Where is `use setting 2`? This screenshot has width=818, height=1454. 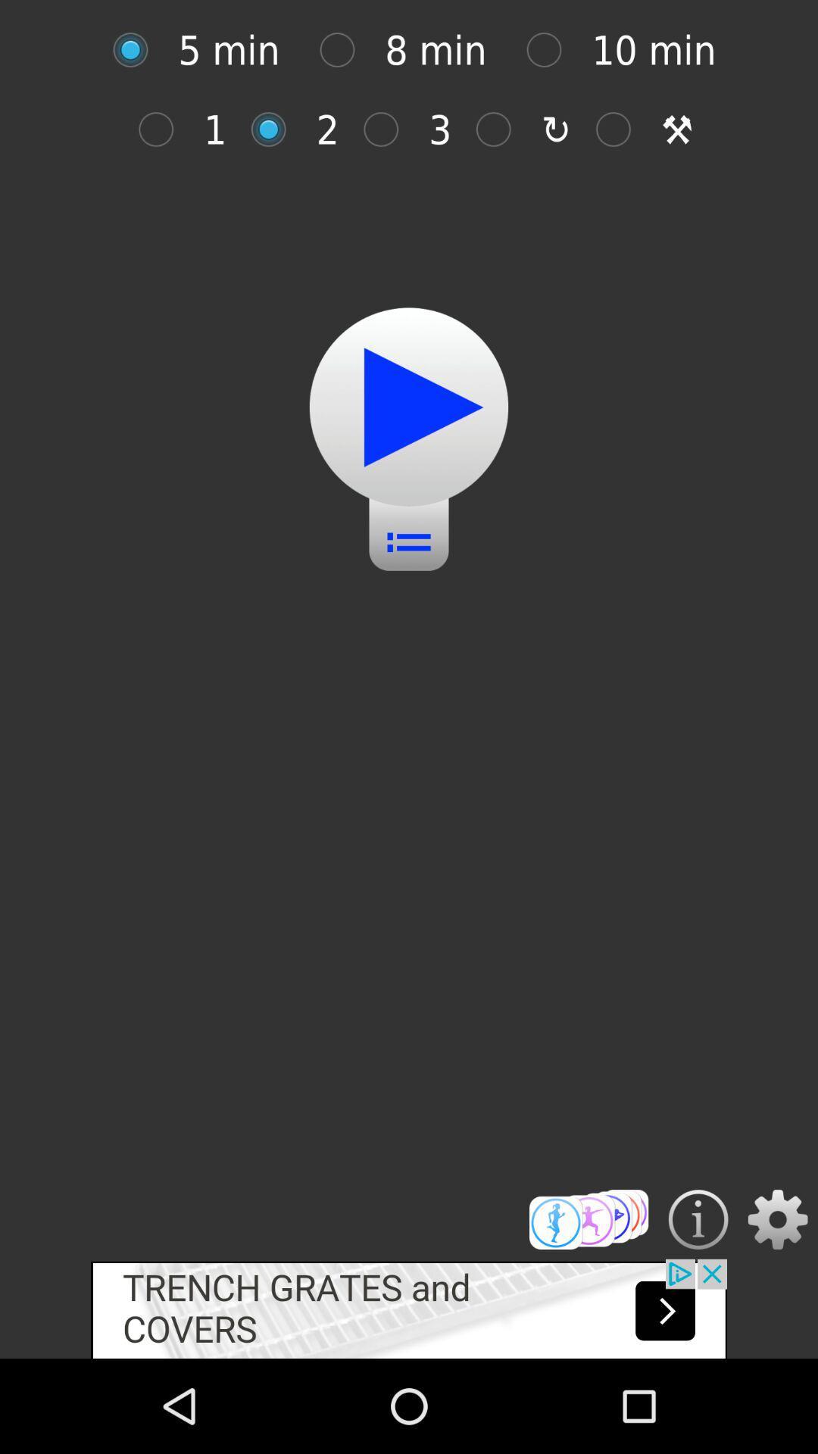
use setting 2 is located at coordinates (276, 129).